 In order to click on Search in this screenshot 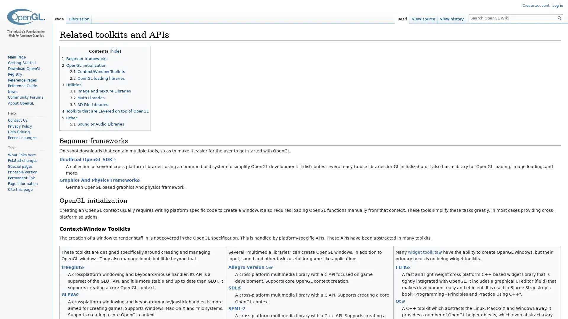, I will do `click(559, 18)`.